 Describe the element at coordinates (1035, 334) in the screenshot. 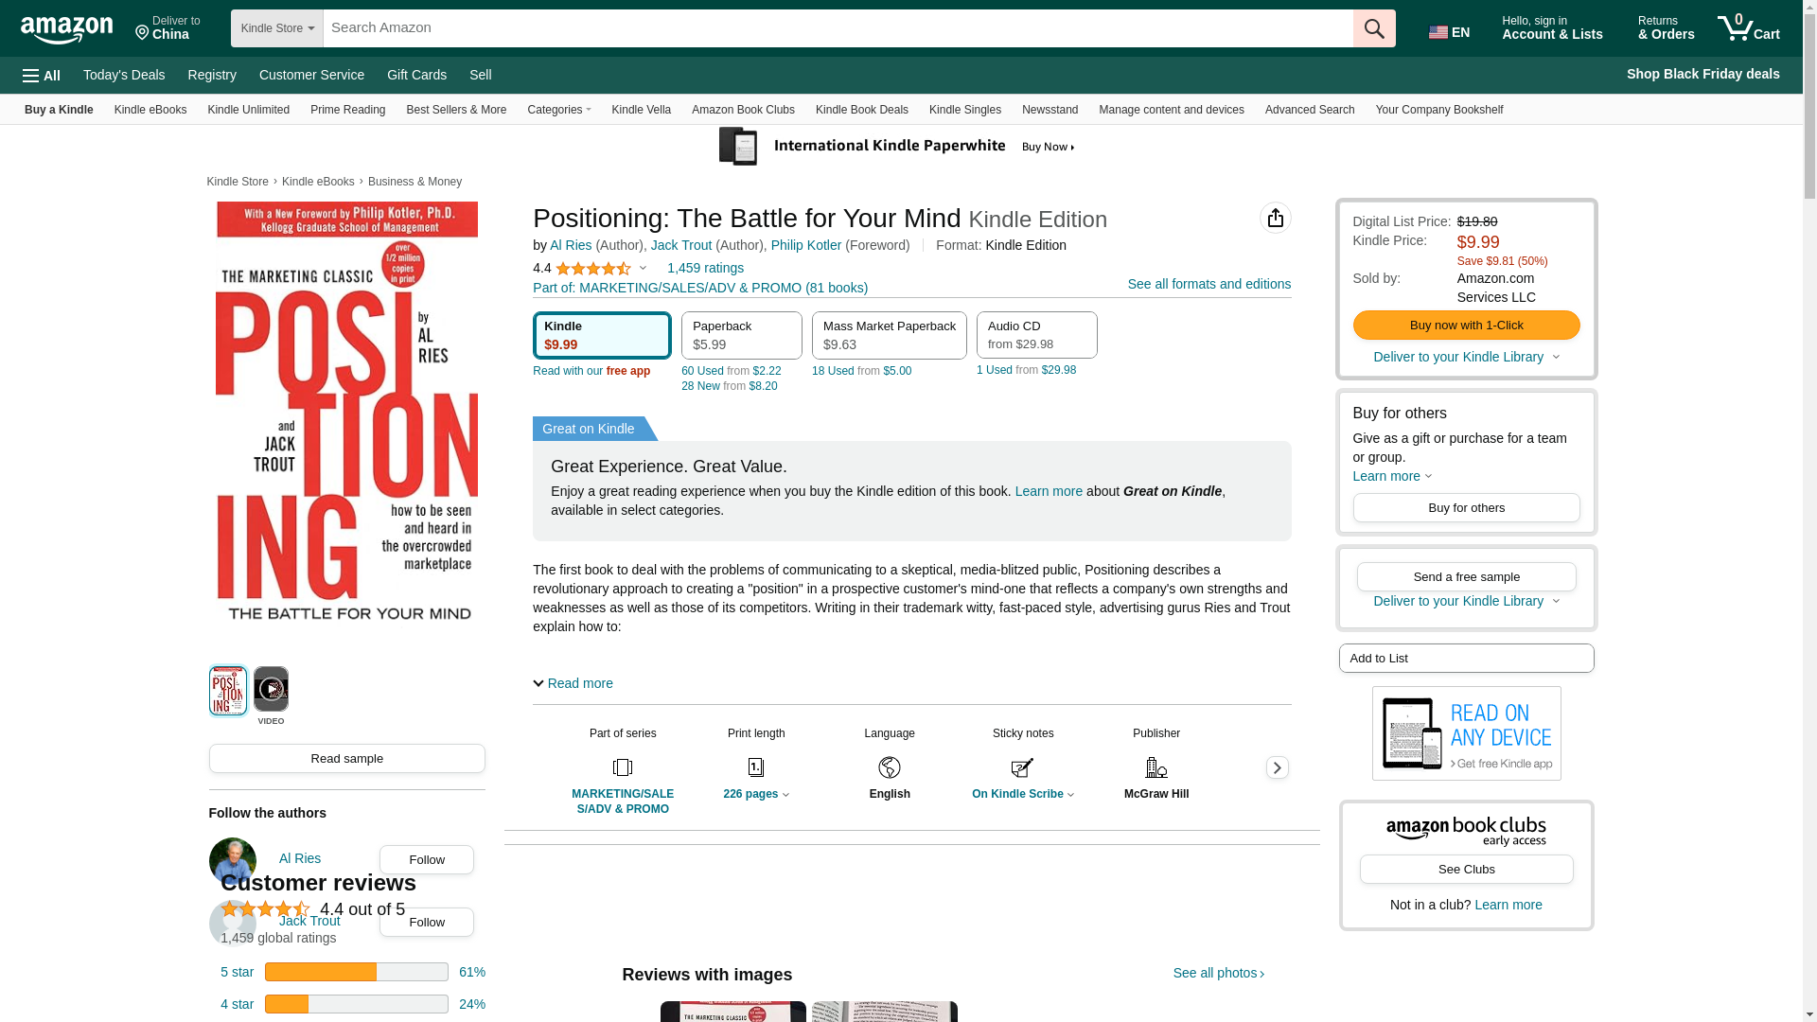

I see `'Audio CD` at that location.